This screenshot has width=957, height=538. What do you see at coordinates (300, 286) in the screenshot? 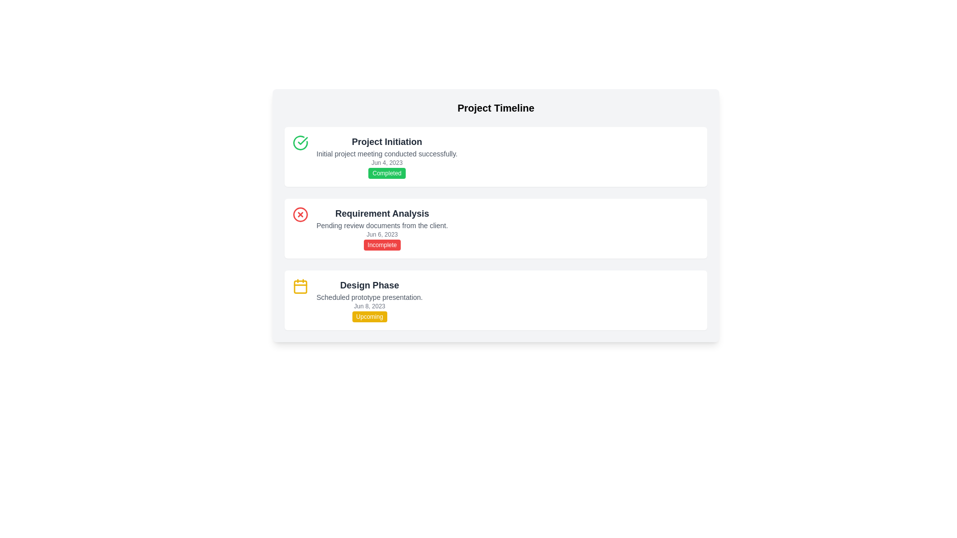
I see `the yellow calendar icon located to the left of the 'Design Phase' text` at bounding box center [300, 286].